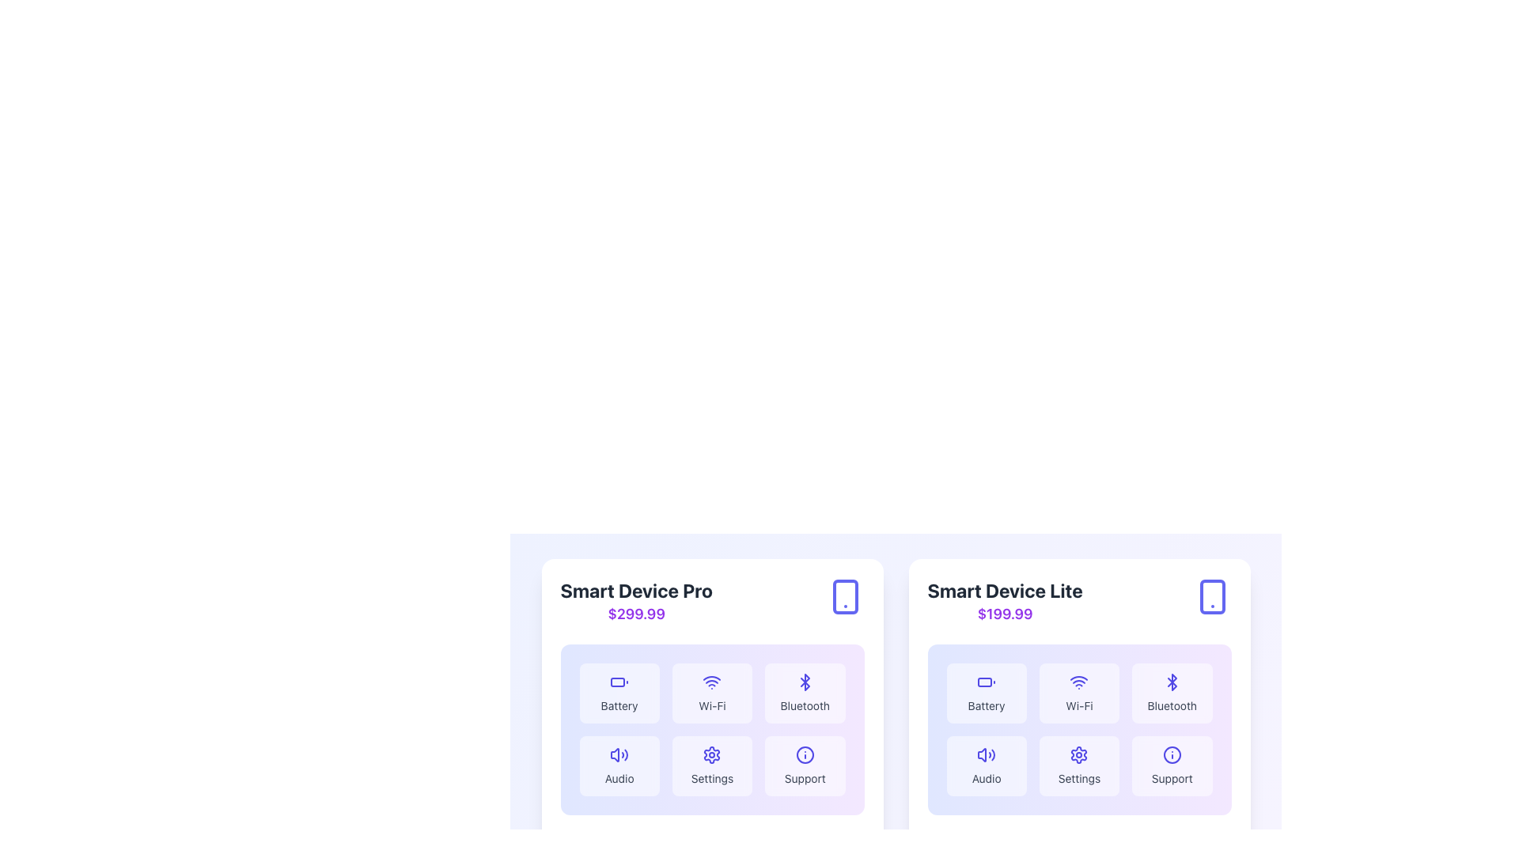 The image size is (1519, 854). Describe the element at coordinates (1078, 677) in the screenshot. I see `the second arc segment of the SVG-based Wi-Fi symbol in the top-right section of the 'Smart Device Lite' product card` at that location.